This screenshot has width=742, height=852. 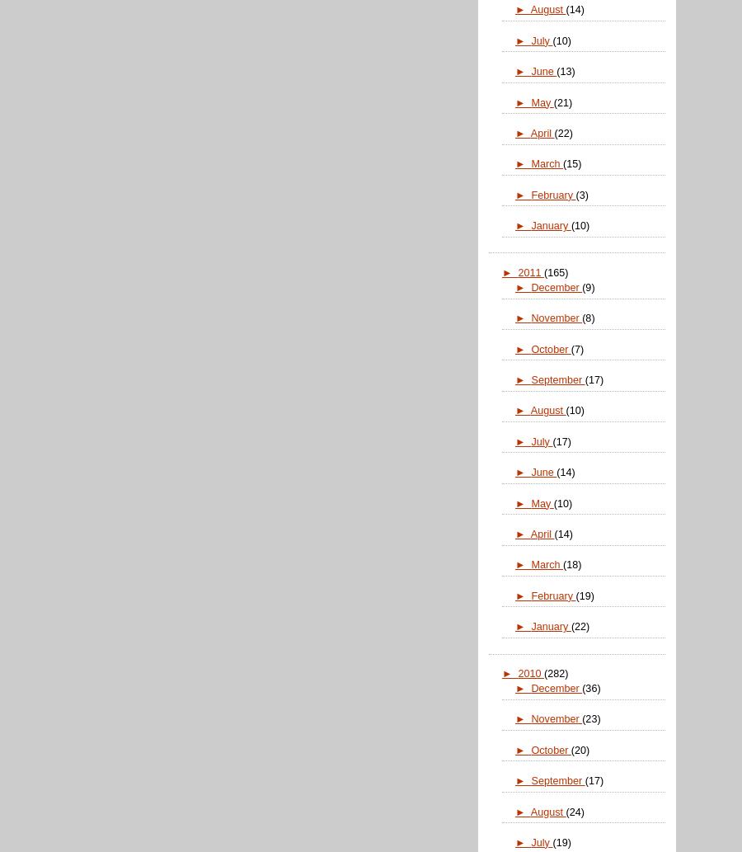 I want to click on '2010', so click(x=531, y=673).